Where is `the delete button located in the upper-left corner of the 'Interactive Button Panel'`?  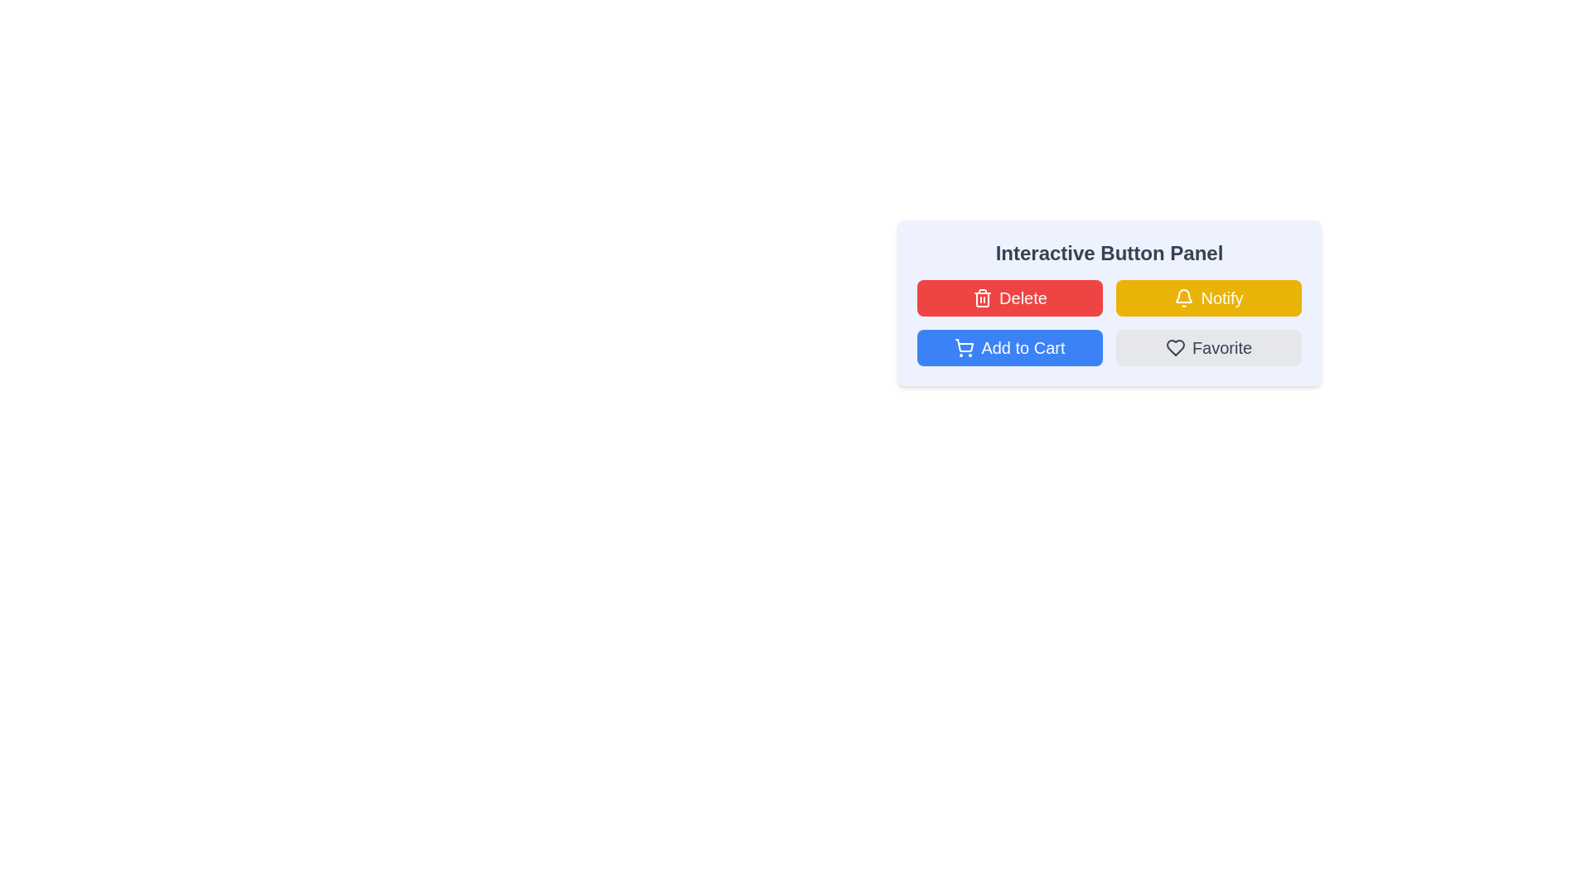
the delete button located in the upper-left corner of the 'Interactive Button Panel' is located at coordinates (1009, 297).